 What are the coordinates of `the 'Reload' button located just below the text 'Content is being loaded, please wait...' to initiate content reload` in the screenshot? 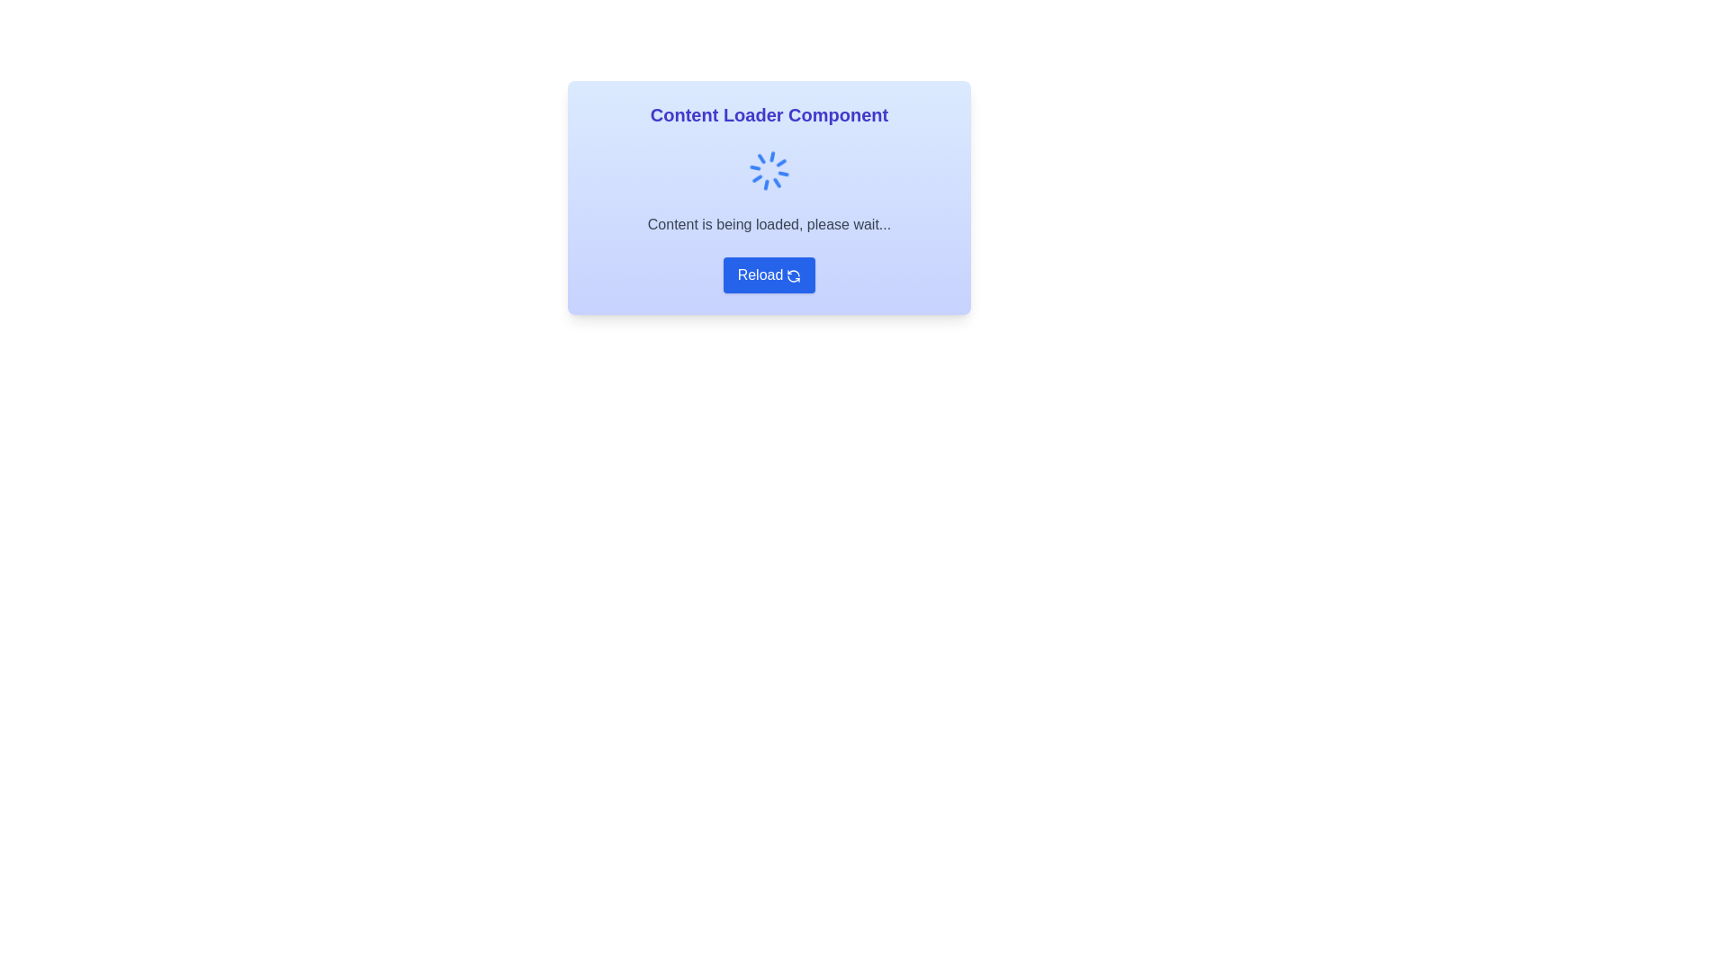 It's located at (769, 274).